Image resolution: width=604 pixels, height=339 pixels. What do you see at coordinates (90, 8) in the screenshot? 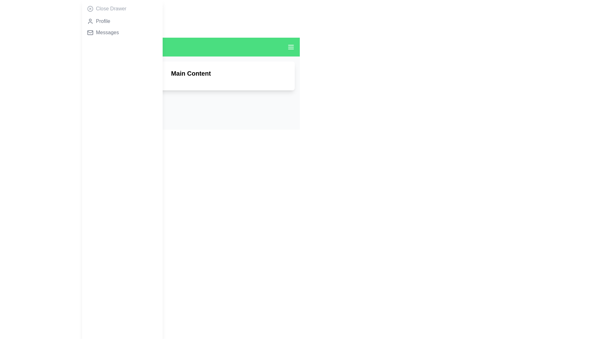
I see `the graphical icon located at the top-left corner of the interface within the sidebar` at bounding box center [90, 8].